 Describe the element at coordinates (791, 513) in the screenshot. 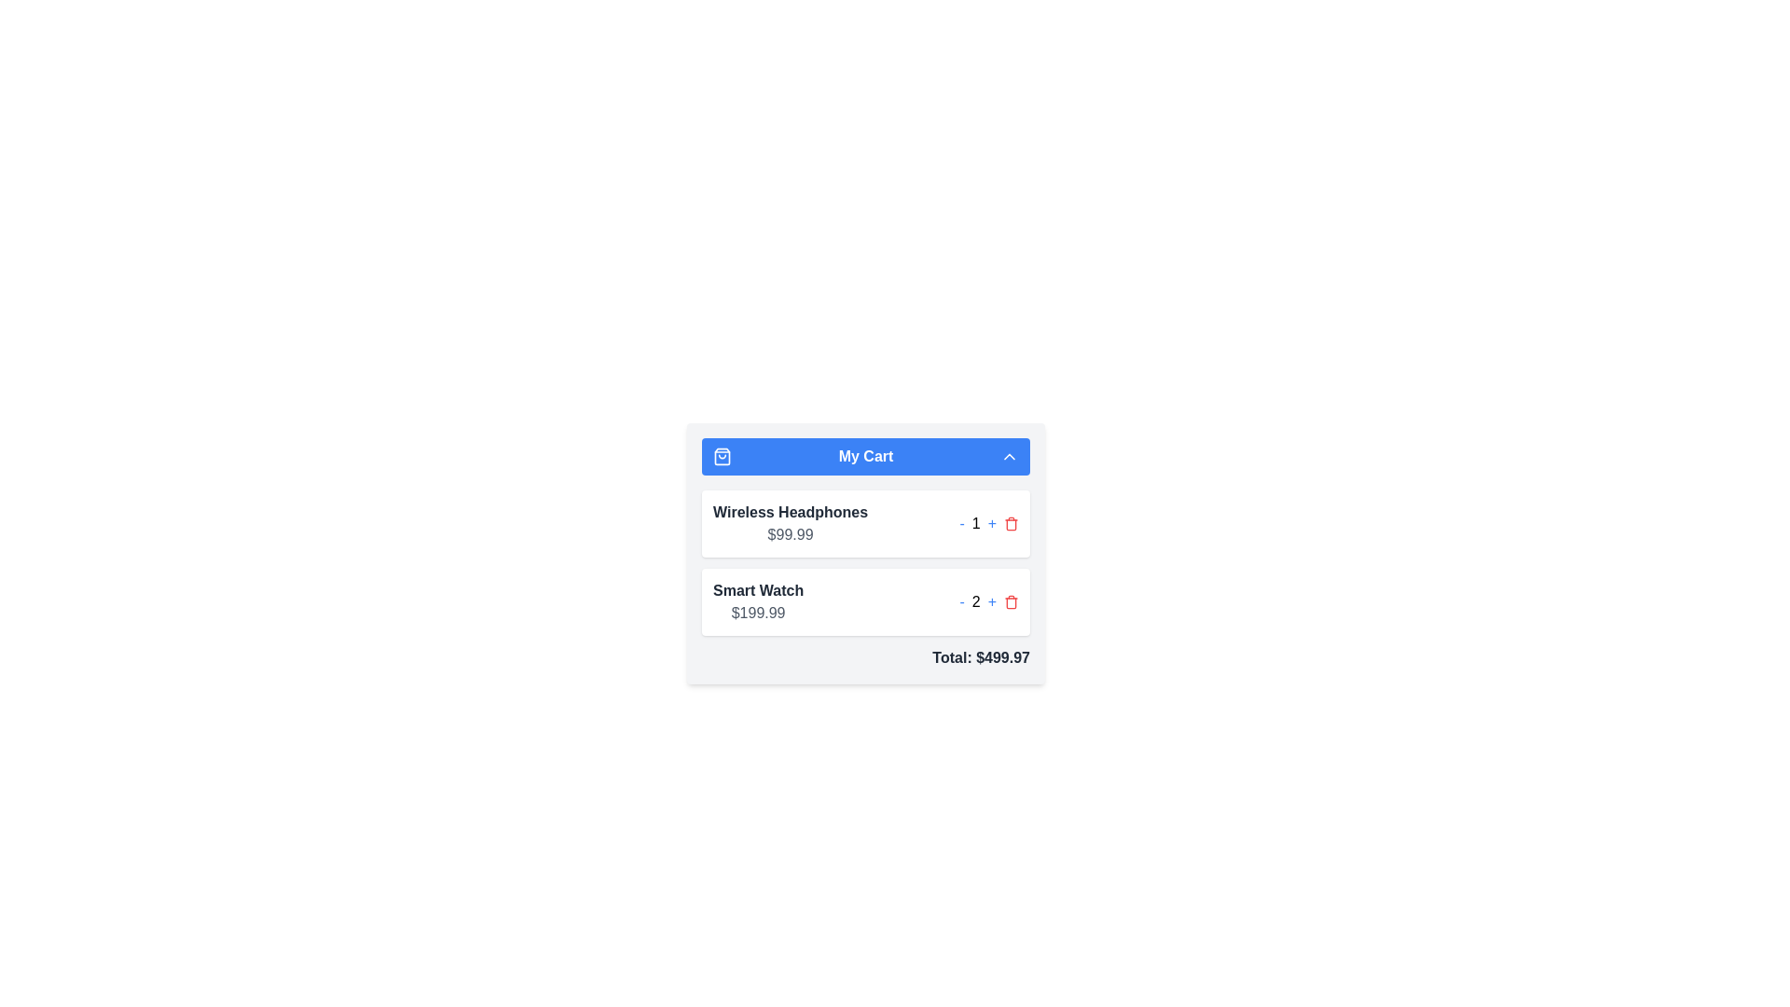

I see `the 'Wireless Headphones' text label, which is styled in bold grayish-black font and located at the top-left of the product card in the shopping cart interface` at that location.